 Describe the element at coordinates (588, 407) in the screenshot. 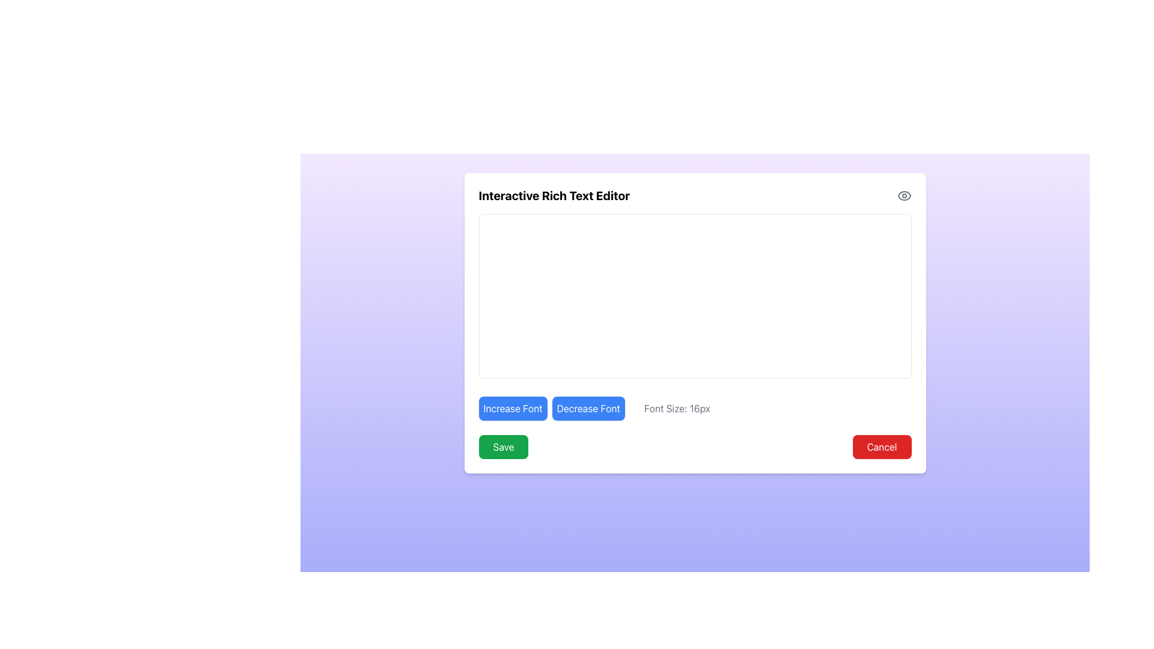

I see `the 'Decrease Font' button, which is a rounded button with a blue background and white text, positioned to the right of the 'Increase Font' button` at that location.